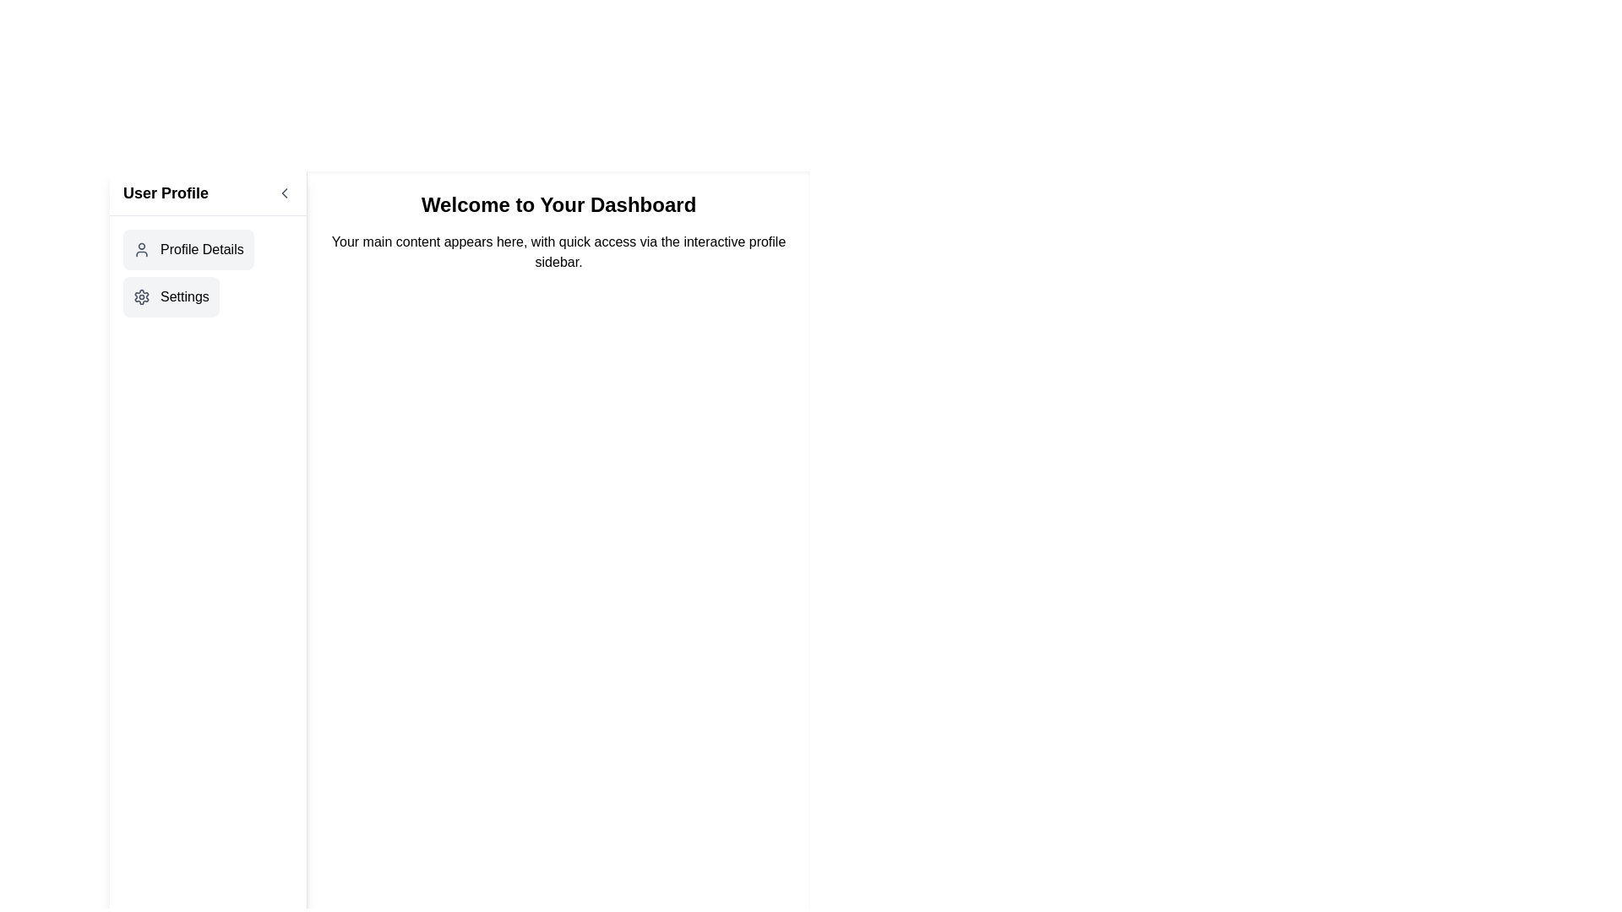 Image resolution: width=1622 pixels, height=912 pixels. What do you see at coordinates (142, 296) in the screenshot?
I see `the gear icon in the left sidebar under the 'User Profile' header` at bounding box center [142, 296].